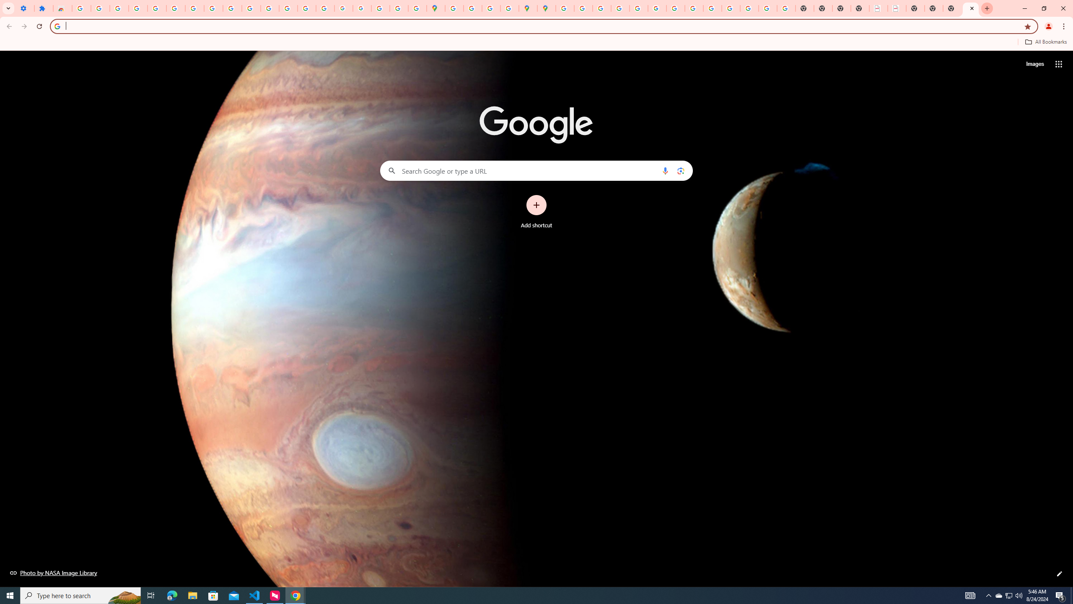 The width and height of the screenshot is (1073, 604). I want to click on 'YouTube', so click(232, 8).